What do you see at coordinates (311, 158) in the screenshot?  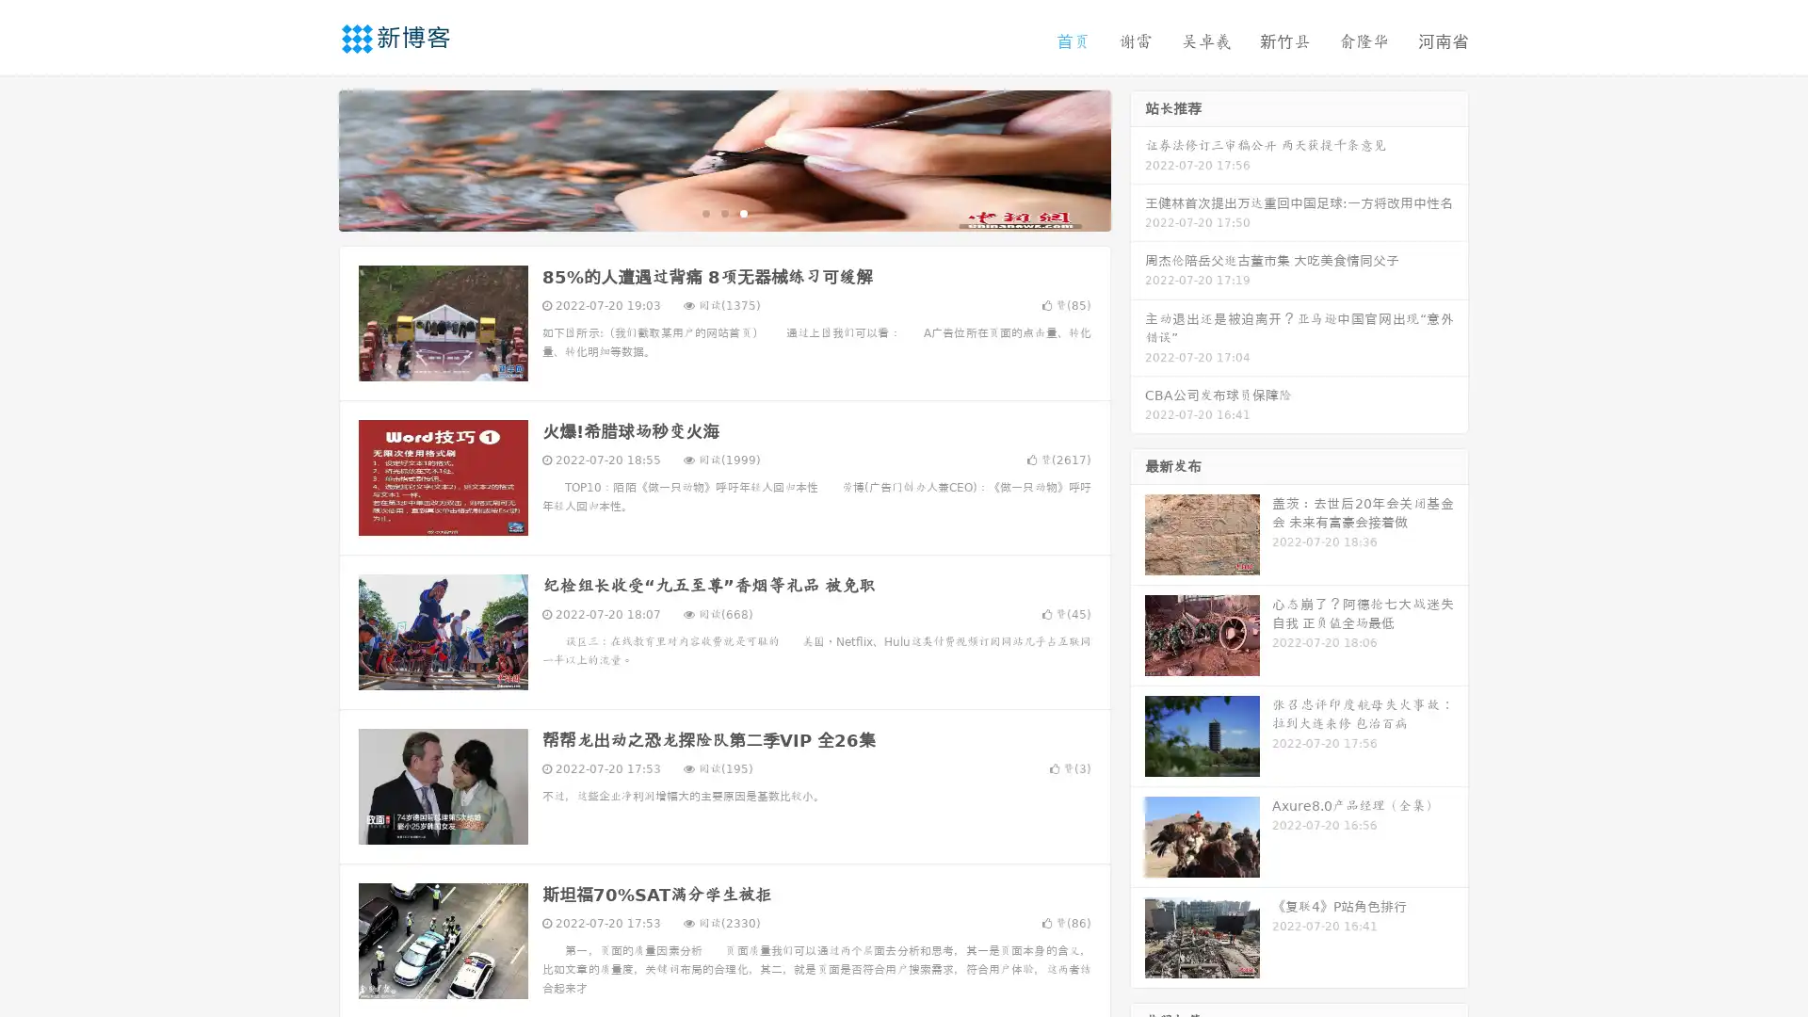 I see `Previous slide` at bounding box center [311, 158].